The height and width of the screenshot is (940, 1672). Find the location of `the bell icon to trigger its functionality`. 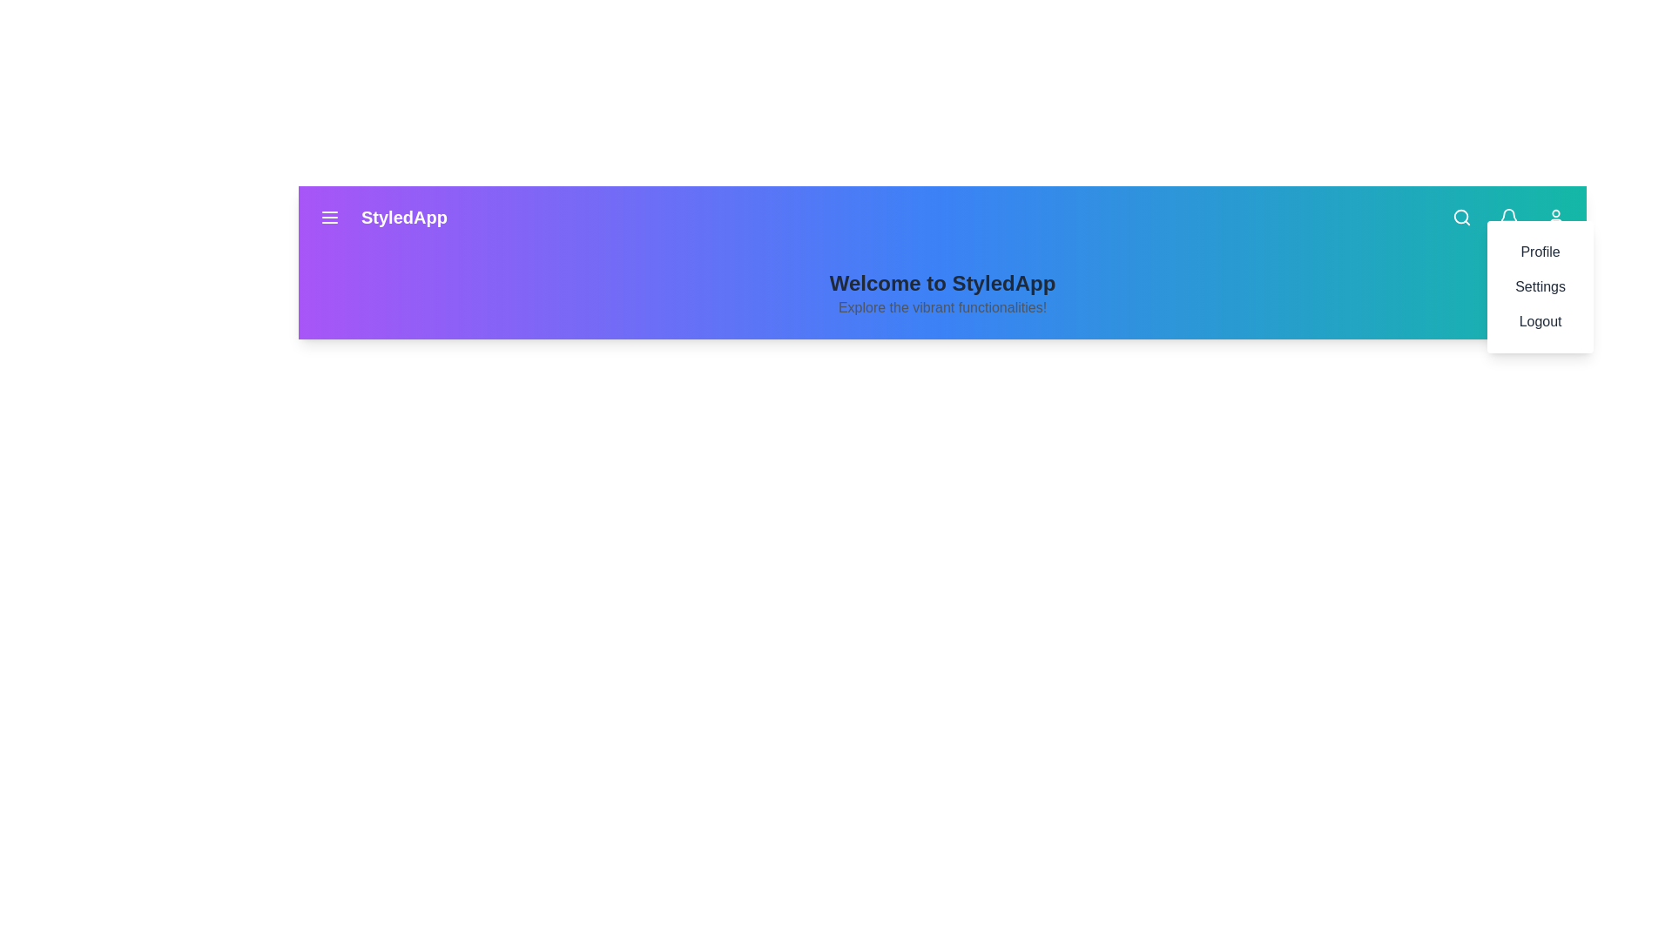

the bell icon to trigger its functionality is located at coordinates (1507, 217).